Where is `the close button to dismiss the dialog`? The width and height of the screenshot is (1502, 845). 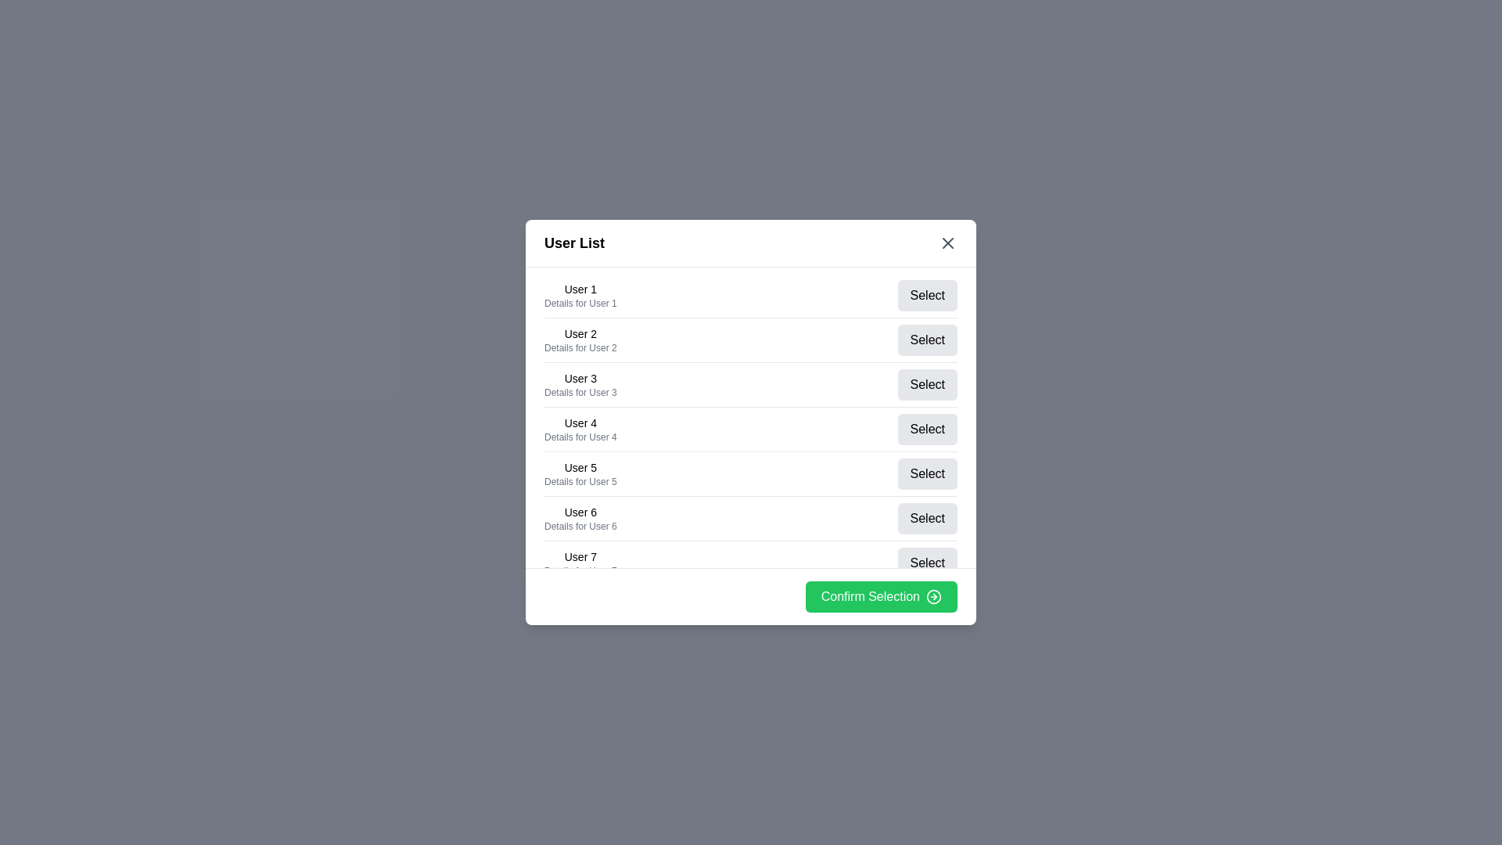
the close button to dismiss the dialog is located at coordinates (947, 243).